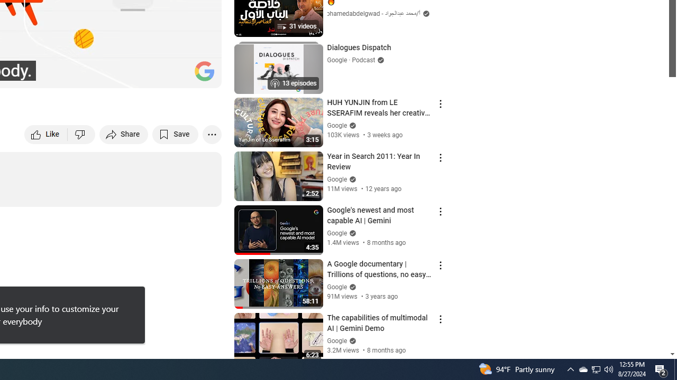  What do you see at coordinates (45, 134) in the screenshot?
I see `'Like'` at bounding box center [45, 134].